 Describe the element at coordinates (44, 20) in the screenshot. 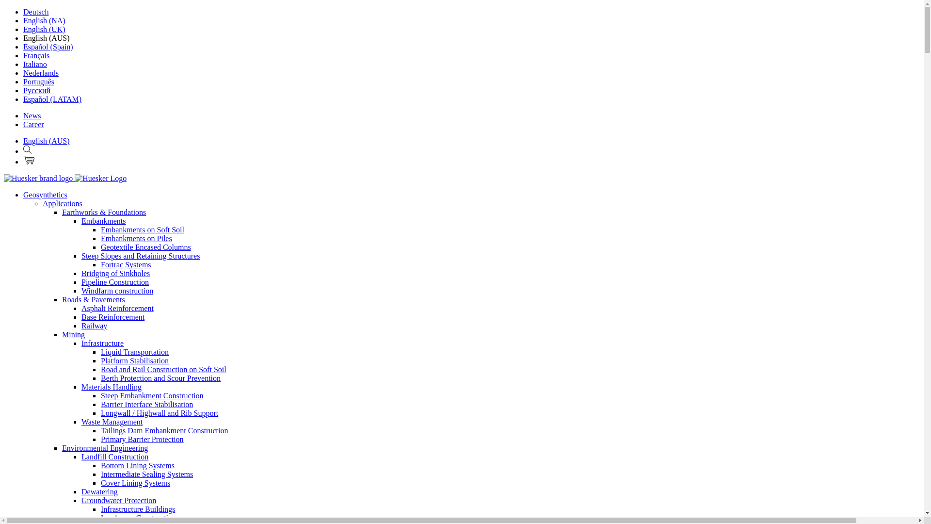

I see `'English (NA)'` at that location.